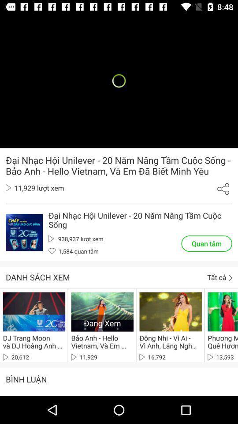  What do you see at coordinates (171, 311) in the screenshot?
I see `the second image from the bottom left` at bounding box center [171, 311].